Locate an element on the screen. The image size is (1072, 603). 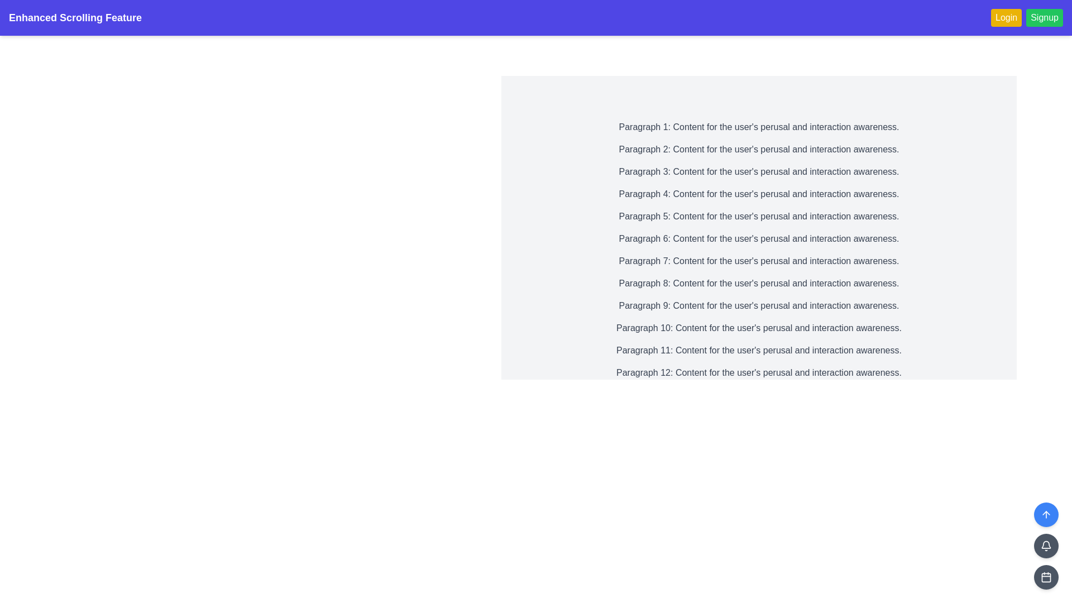
the third paragraph element which contains the text 'Paragraph 3: Content for the user's perusal and interaction awareness.' is located at coordinates (759, 172).